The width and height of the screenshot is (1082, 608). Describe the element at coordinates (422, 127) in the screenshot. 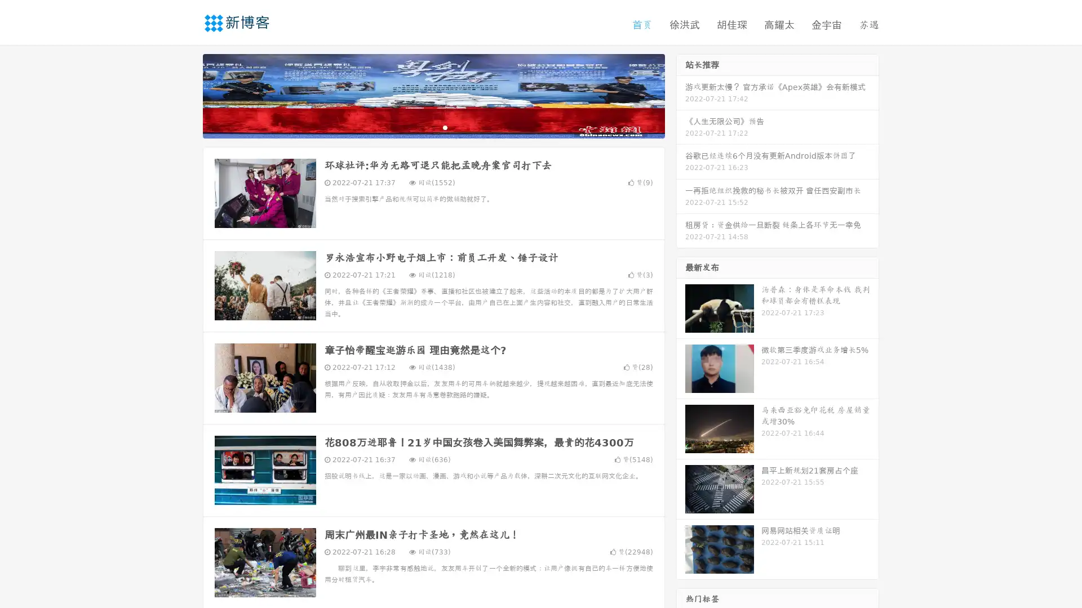

I see `Go to slide 1` at that location.